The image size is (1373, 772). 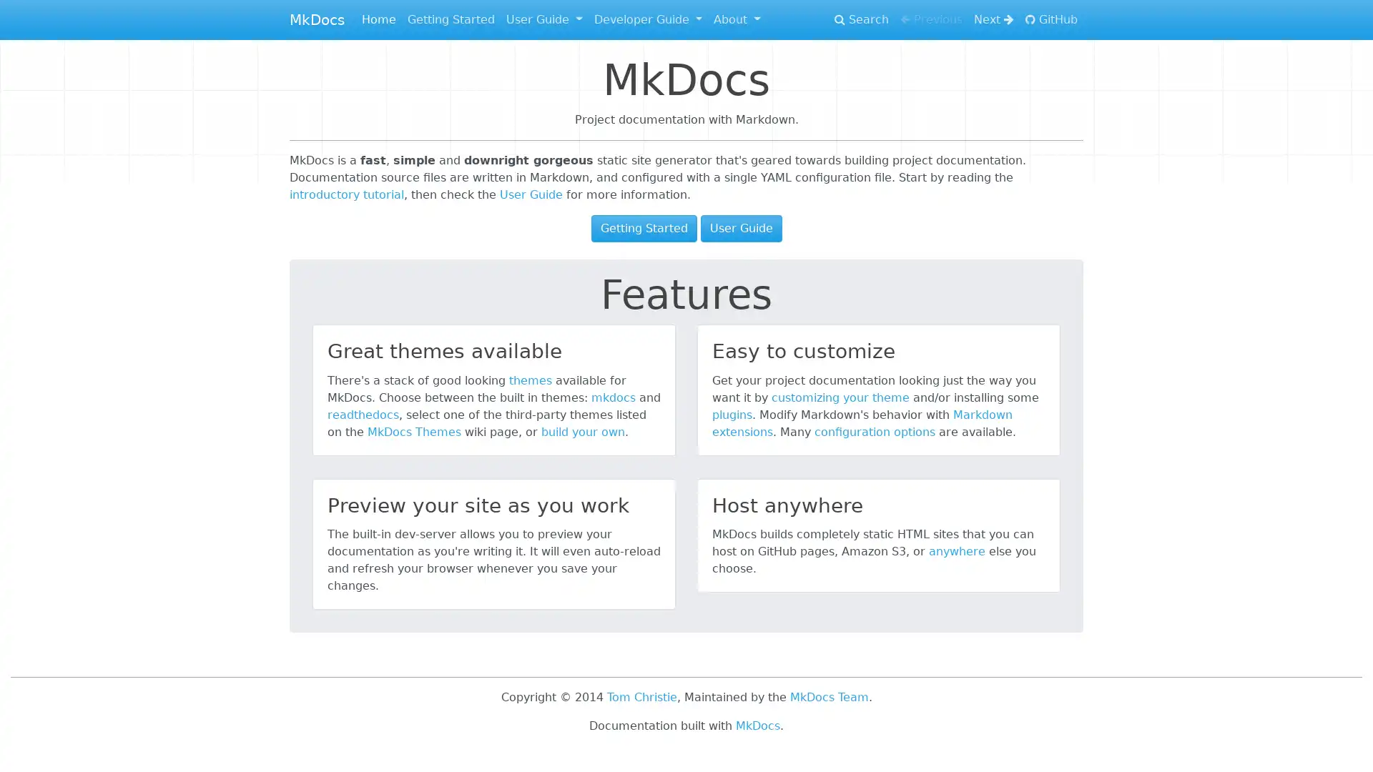 What do you see at coordinates (741, 228) in the screenshot?
I see `User Guide` at bounding box center [741, 228].